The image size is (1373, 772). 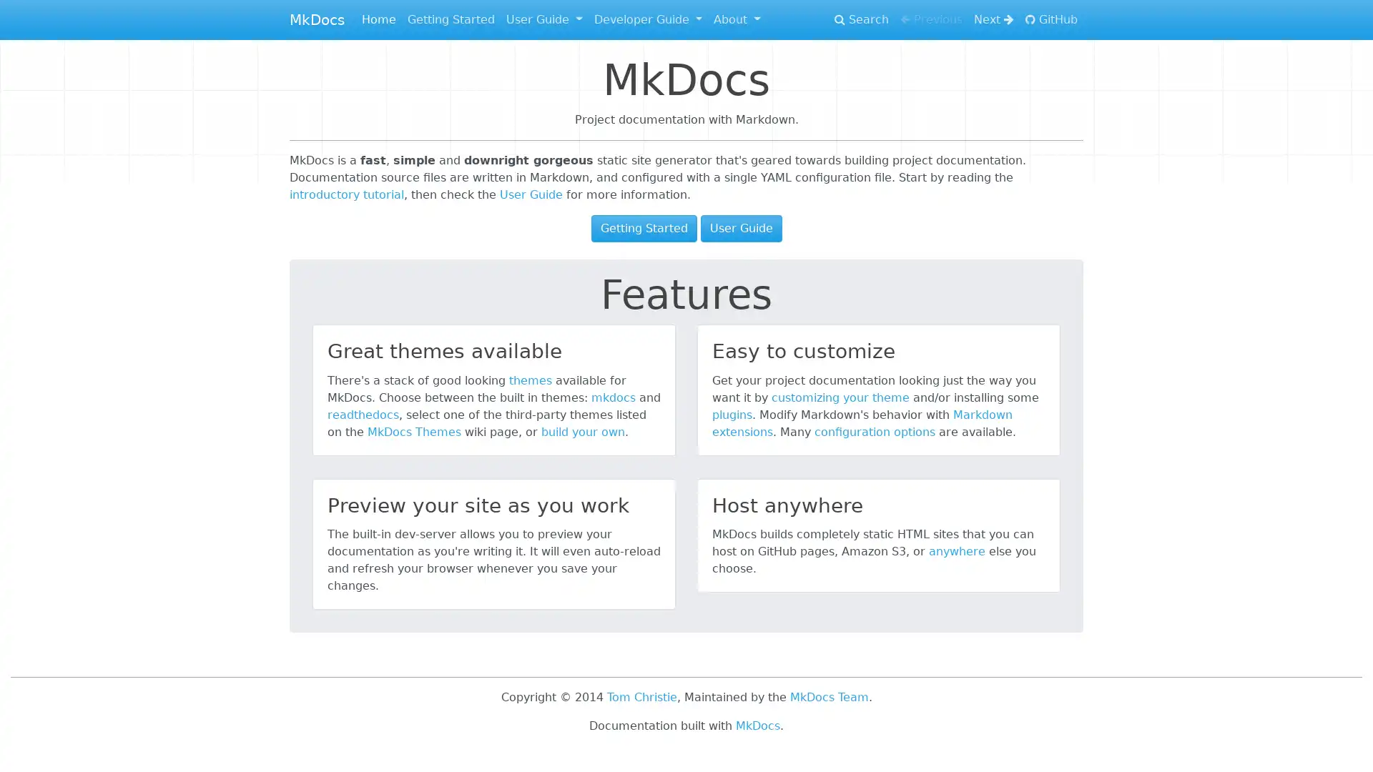 What do you see at coordinates (741, 228) in the screenshot?
I see `User Guide` at bounding box center [741, 228].